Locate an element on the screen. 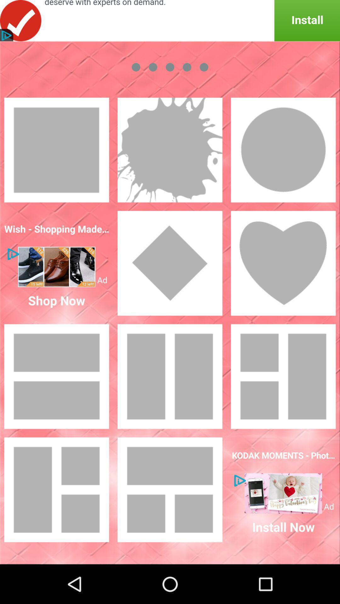  stick images is located at coordinates (170, 149).